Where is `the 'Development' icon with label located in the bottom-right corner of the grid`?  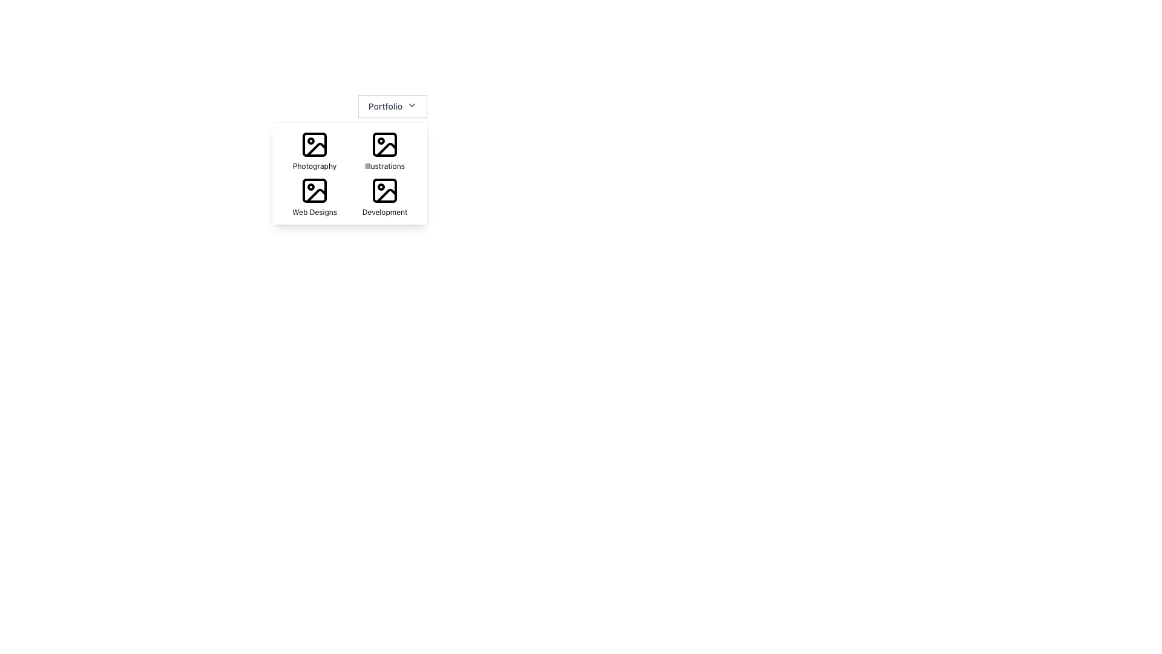
the 'Development' icon with label located in the bottom-right corner of the grid is located at coordinates (384, 196).